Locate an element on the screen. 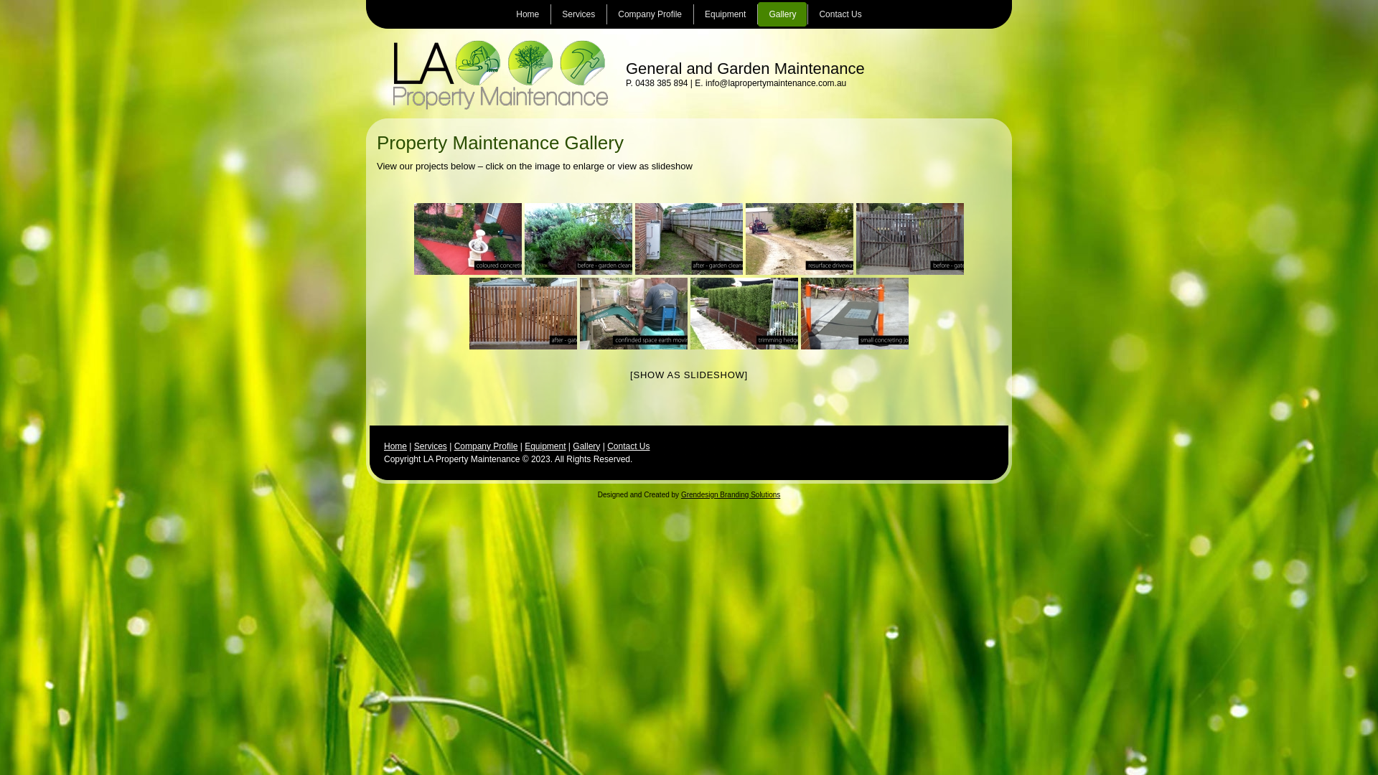  'Home' is located at coordinates (526, 14).